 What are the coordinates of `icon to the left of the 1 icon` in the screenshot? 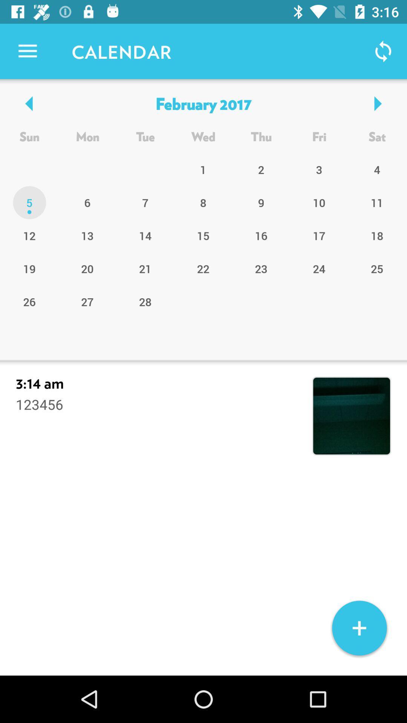 It's located at (145, 203).